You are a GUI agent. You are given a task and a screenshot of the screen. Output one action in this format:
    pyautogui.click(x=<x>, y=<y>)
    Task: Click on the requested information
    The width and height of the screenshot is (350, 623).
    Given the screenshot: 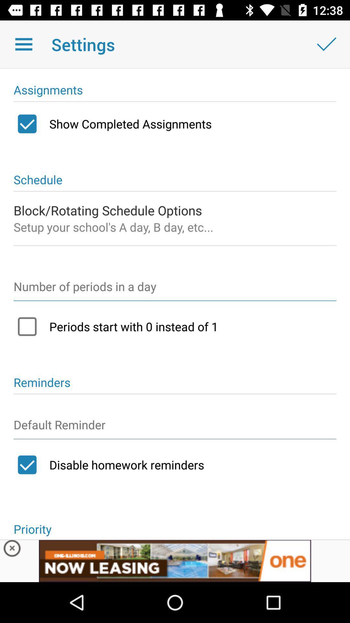 What is the action you would take?
    pyautogui.click(x=175, y=289)
    